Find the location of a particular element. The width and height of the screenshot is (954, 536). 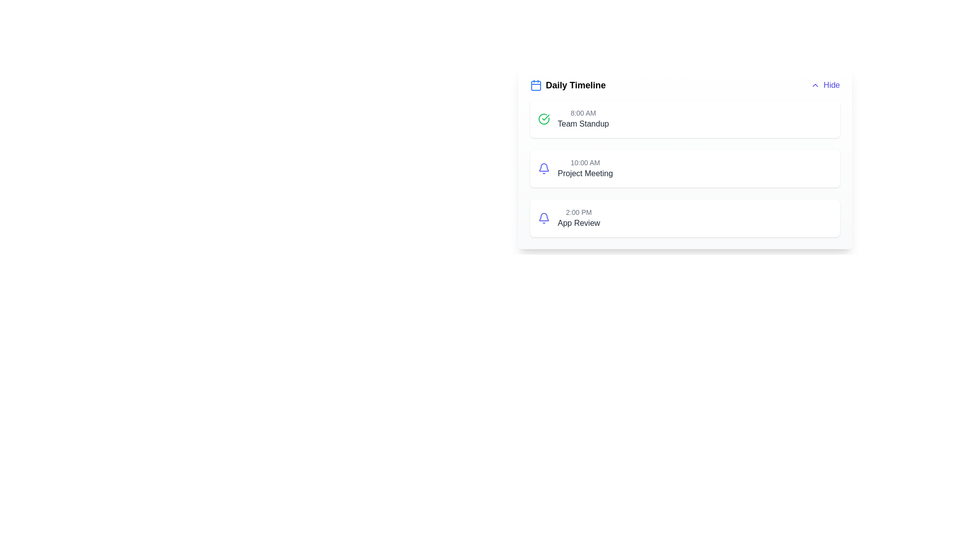

the text label that indicates the scheduled event titled 'App Review' at '2:00 PM', which is the third item in the timeline list of events is located at coordinates (579, 217).